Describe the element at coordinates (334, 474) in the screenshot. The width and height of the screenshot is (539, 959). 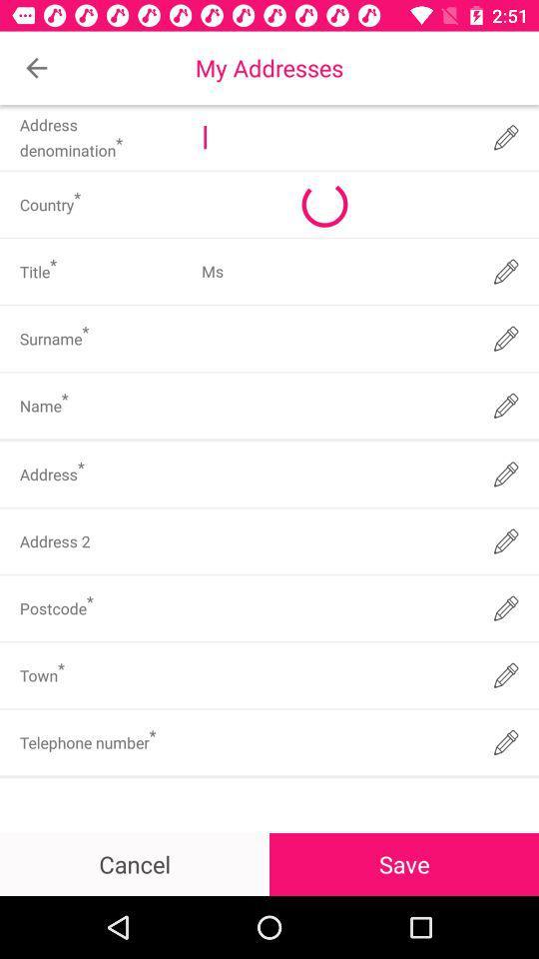
I see `address field` at that location.